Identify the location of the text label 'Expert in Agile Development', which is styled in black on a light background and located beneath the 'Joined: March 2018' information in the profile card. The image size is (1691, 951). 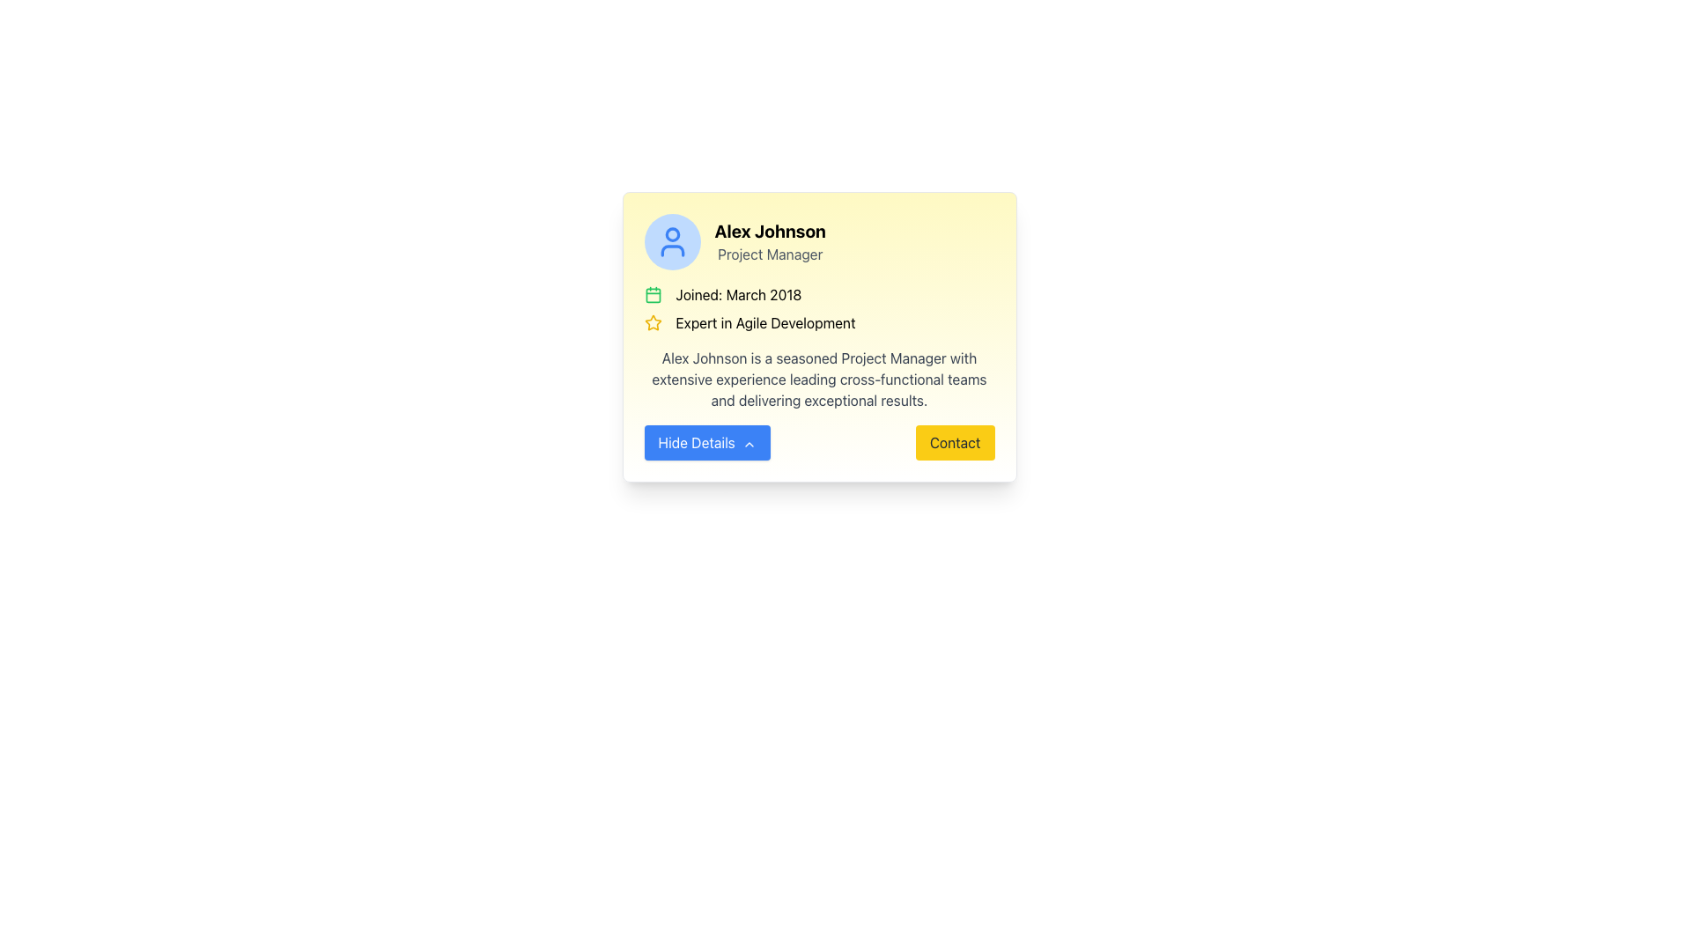
(765, 322).